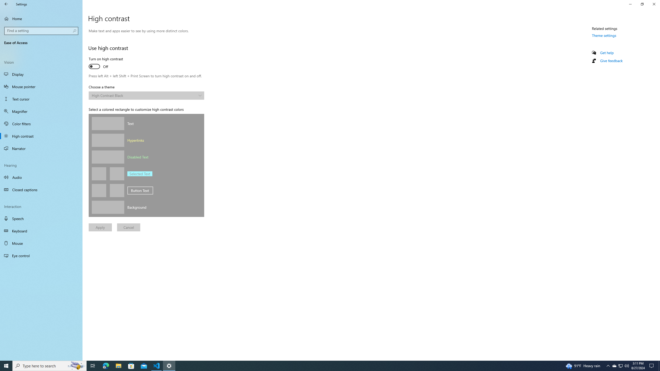 The width and height of the screenshot is (660, 371). I want to click on 'Color filters', so click(41, 123).